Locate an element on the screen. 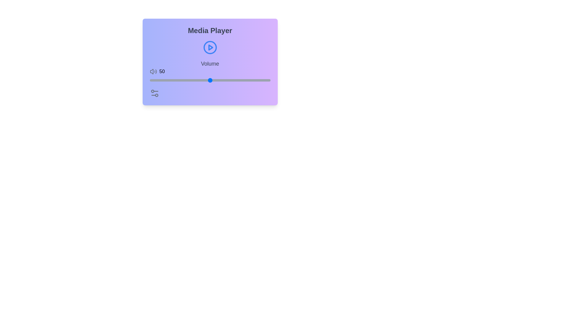  the volume level is located at coordinates (150, 80).